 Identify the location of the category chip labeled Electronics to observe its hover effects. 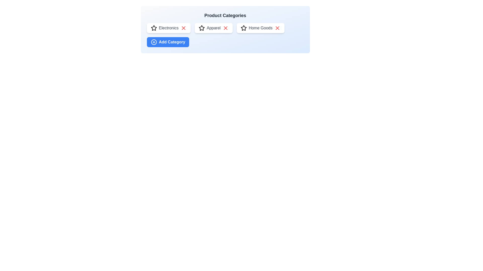
(169, 28).